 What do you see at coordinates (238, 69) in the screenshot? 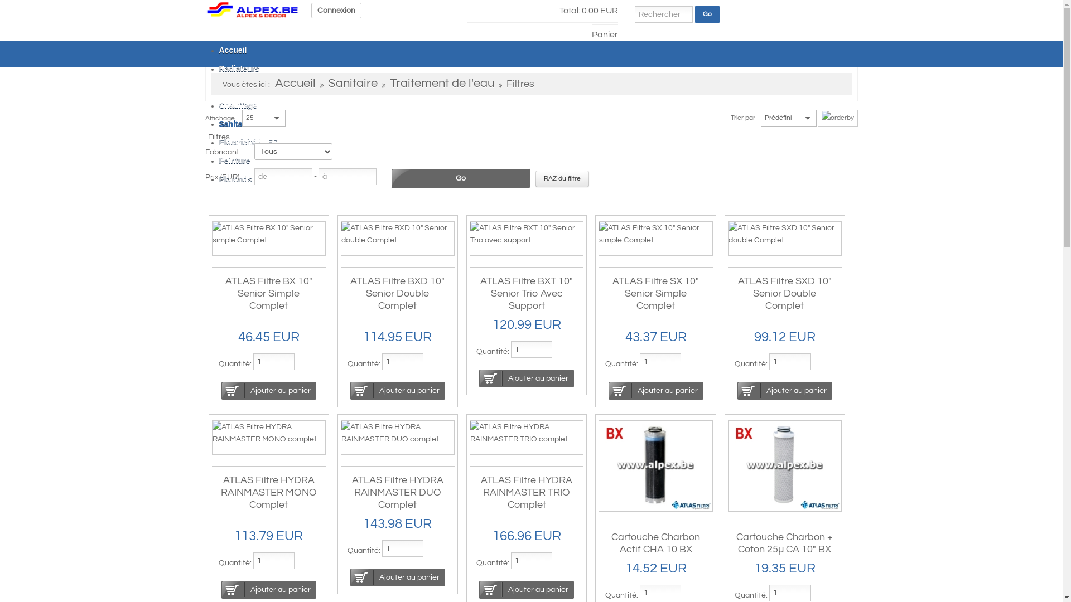
I see `'Radiateurs'` at bounding box center [238, 69].